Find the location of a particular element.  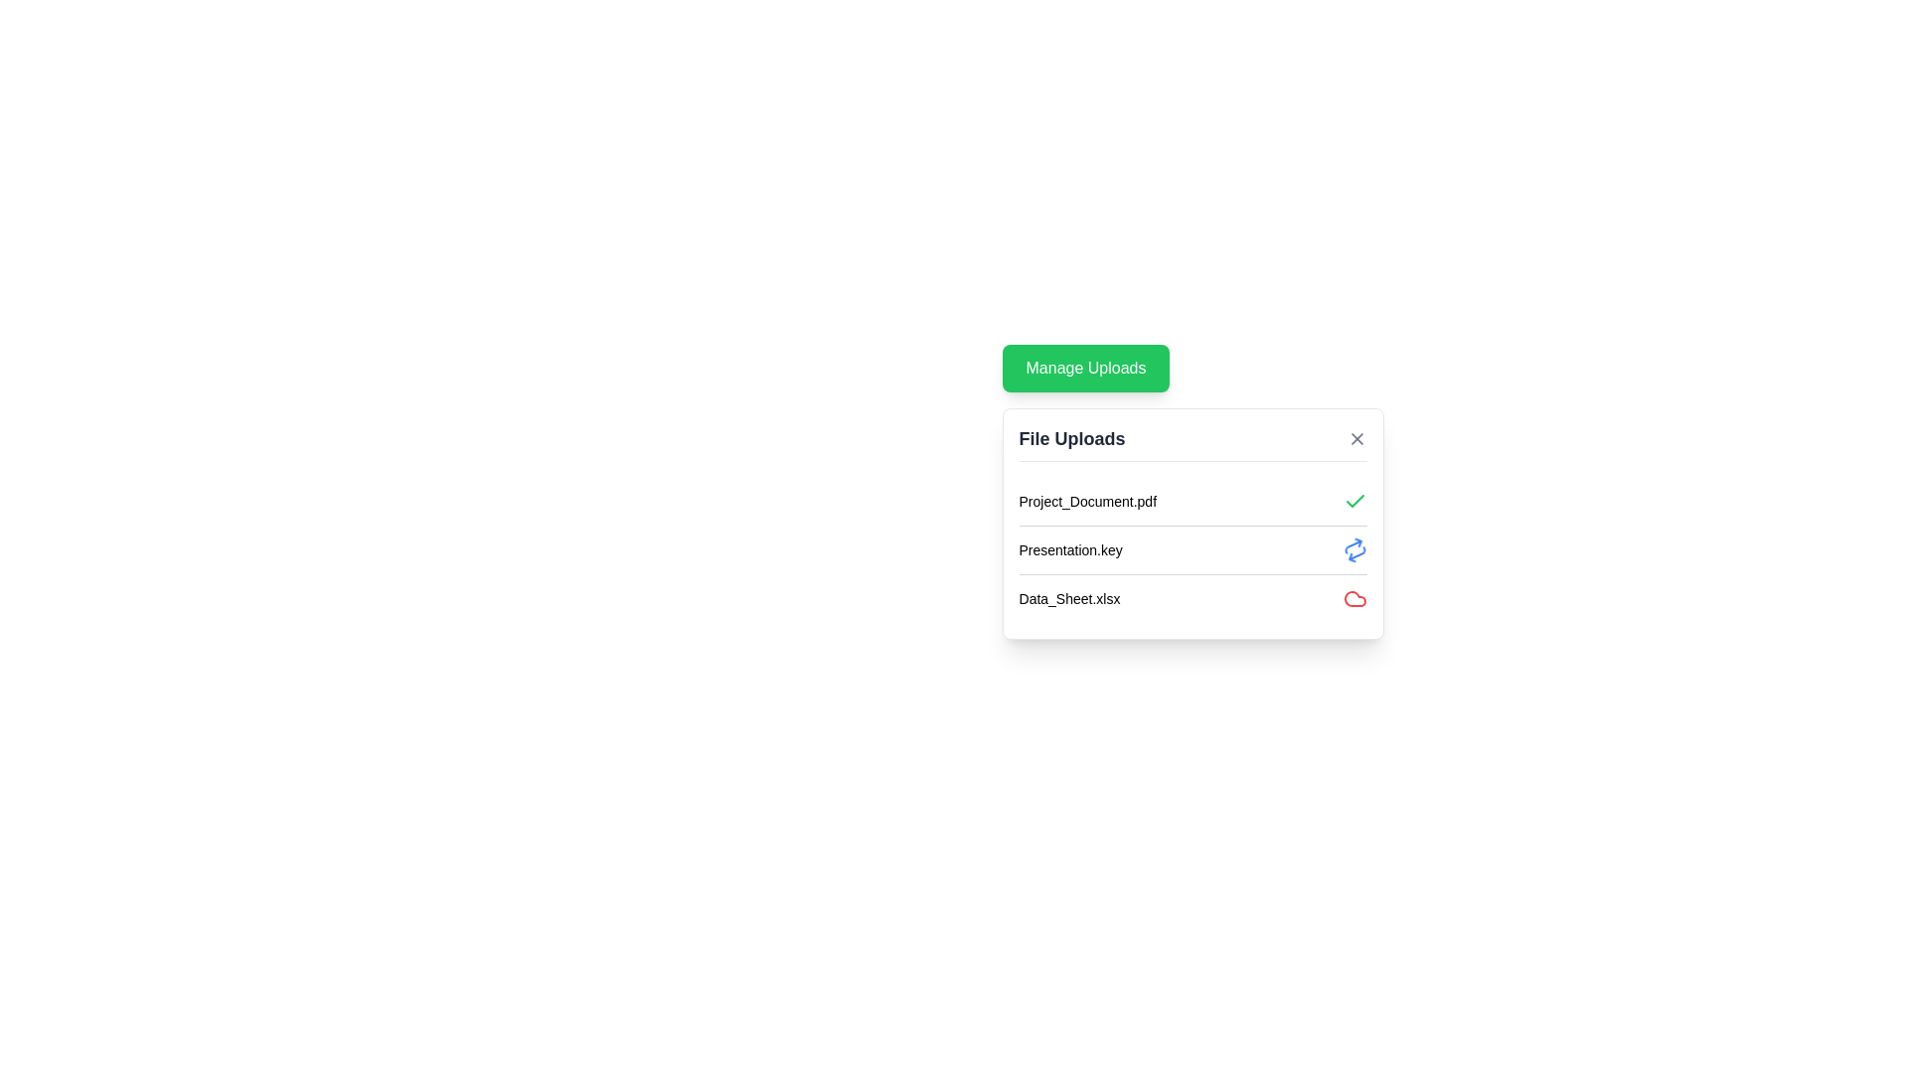

the green check mark icon indicating success for the file 'Project_Document.pdf' in the 'Manage Uploads' modal is located at coordinates (1353, 500).